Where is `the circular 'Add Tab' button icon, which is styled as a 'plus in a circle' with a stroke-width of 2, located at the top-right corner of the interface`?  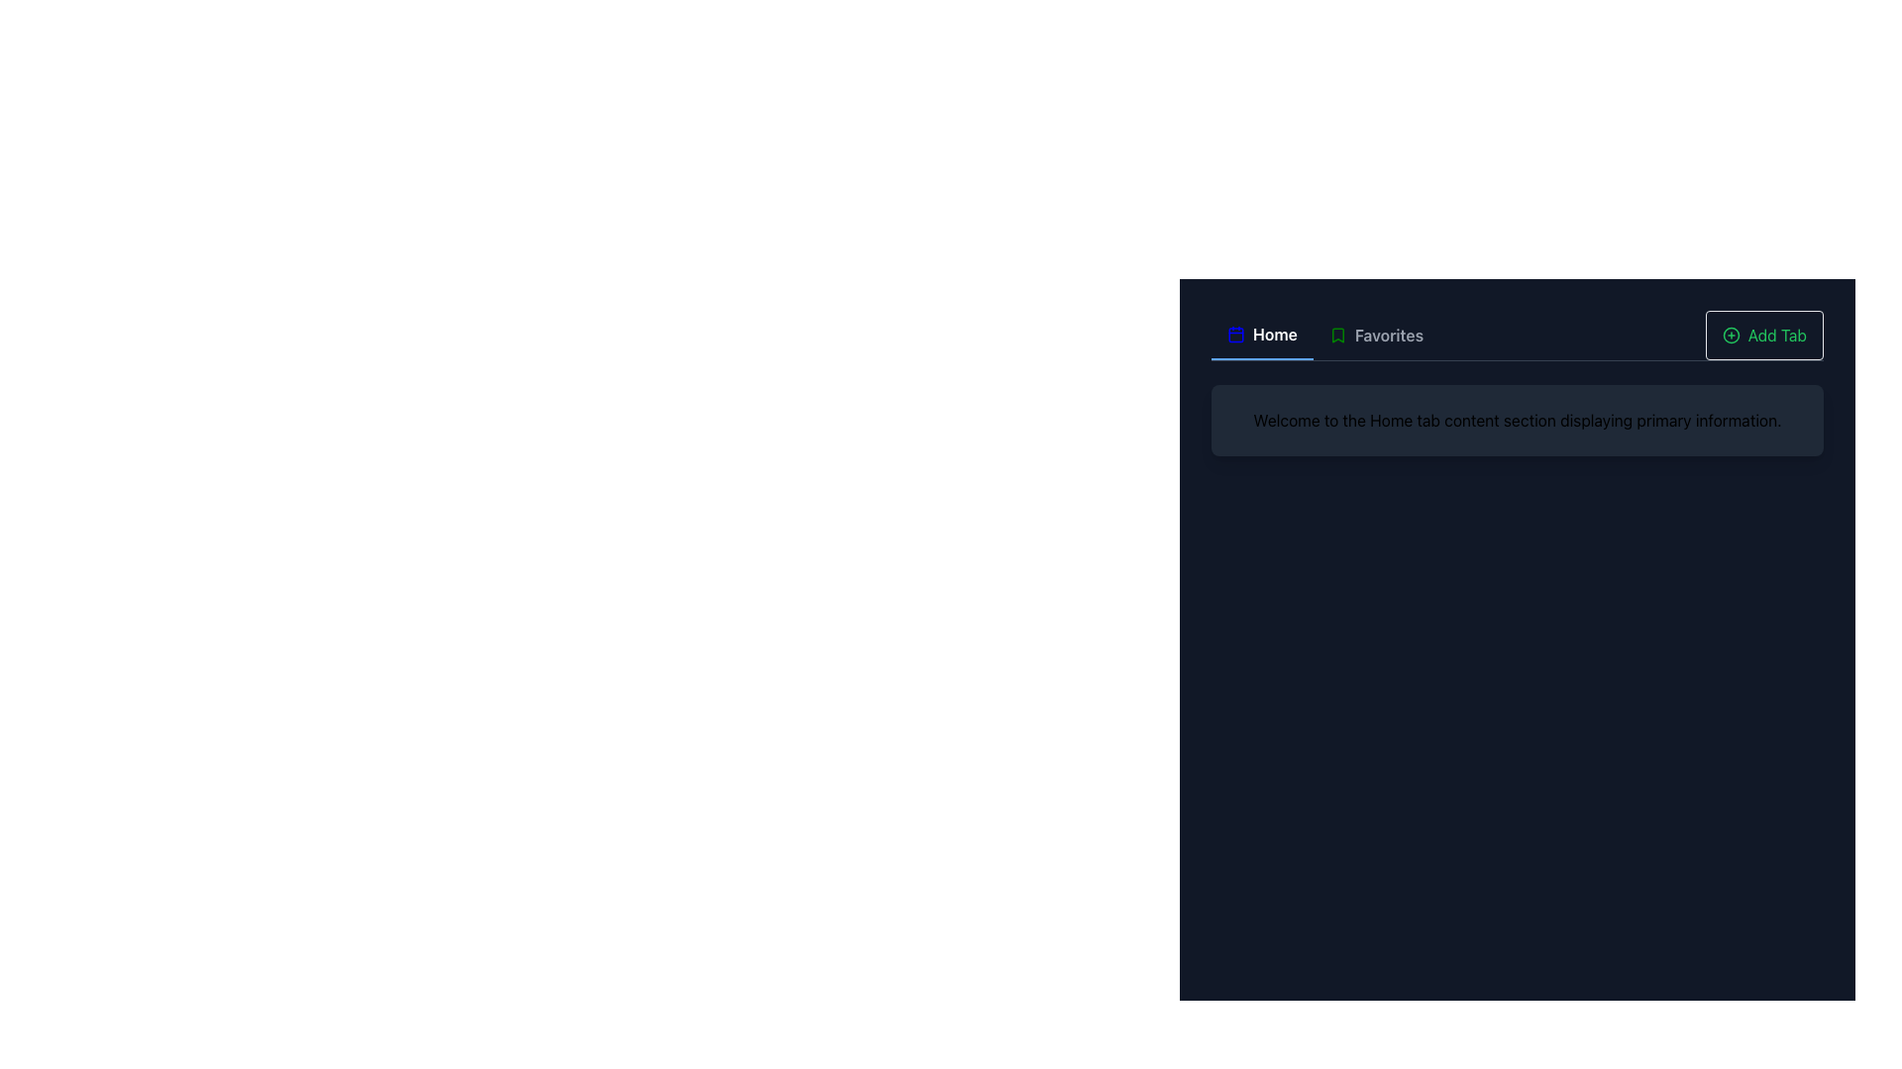
the circular 'Add Tab' button icon, which is styled as a 'plus in a circle' with a stroke-width of 2, located at the top-right corner of the interface is located at coordinates (1730, 335).